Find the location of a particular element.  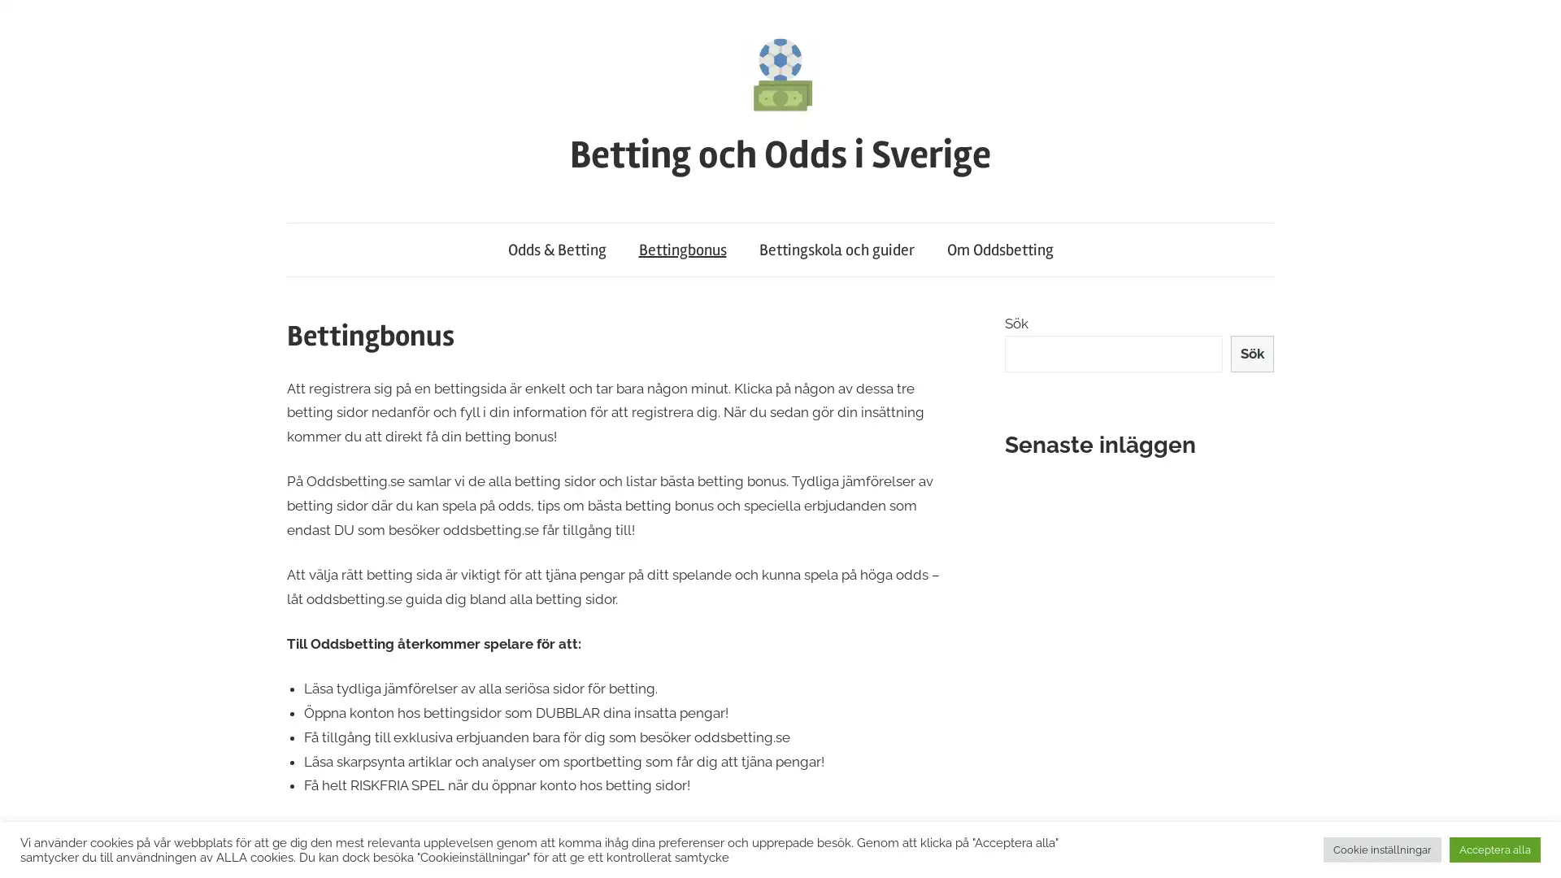

Sok is located at coordinates (1251, 353).